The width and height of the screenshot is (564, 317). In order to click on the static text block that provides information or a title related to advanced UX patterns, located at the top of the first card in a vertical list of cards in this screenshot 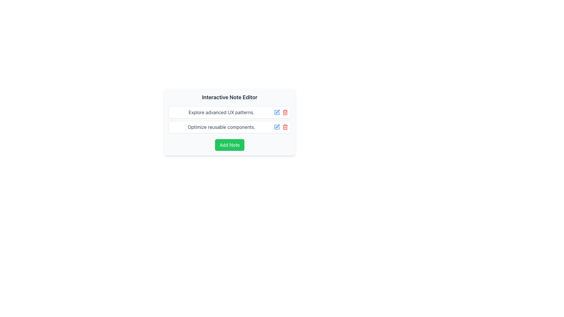, I will do `click(221, 112)`.